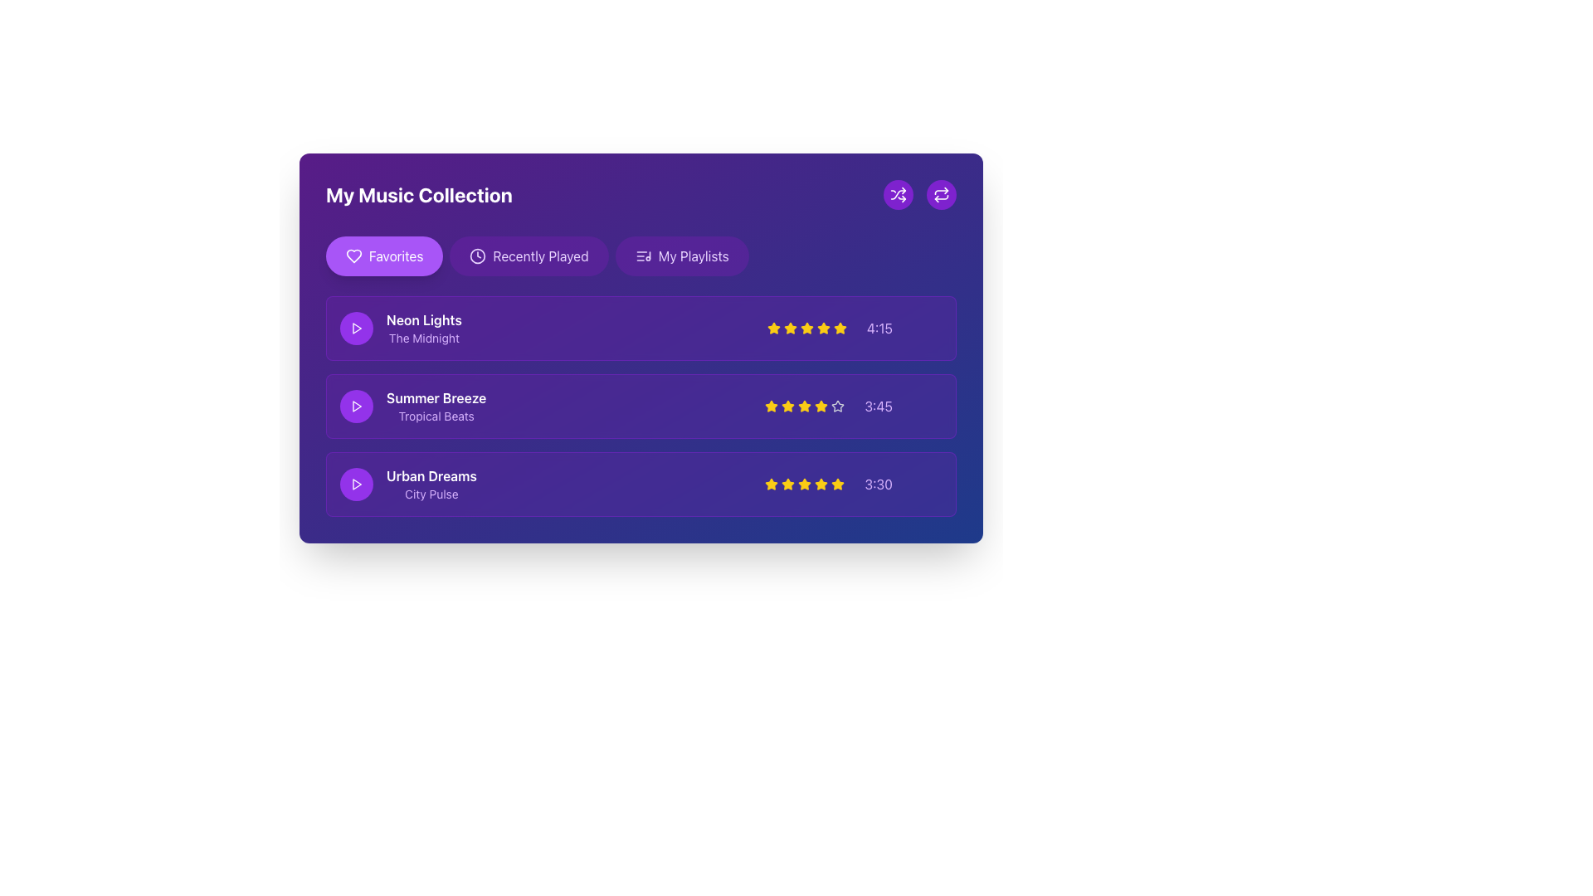  I want to click on the third button from the left in the horizontal button group titled 'My Music Collection', so click(682, 256).